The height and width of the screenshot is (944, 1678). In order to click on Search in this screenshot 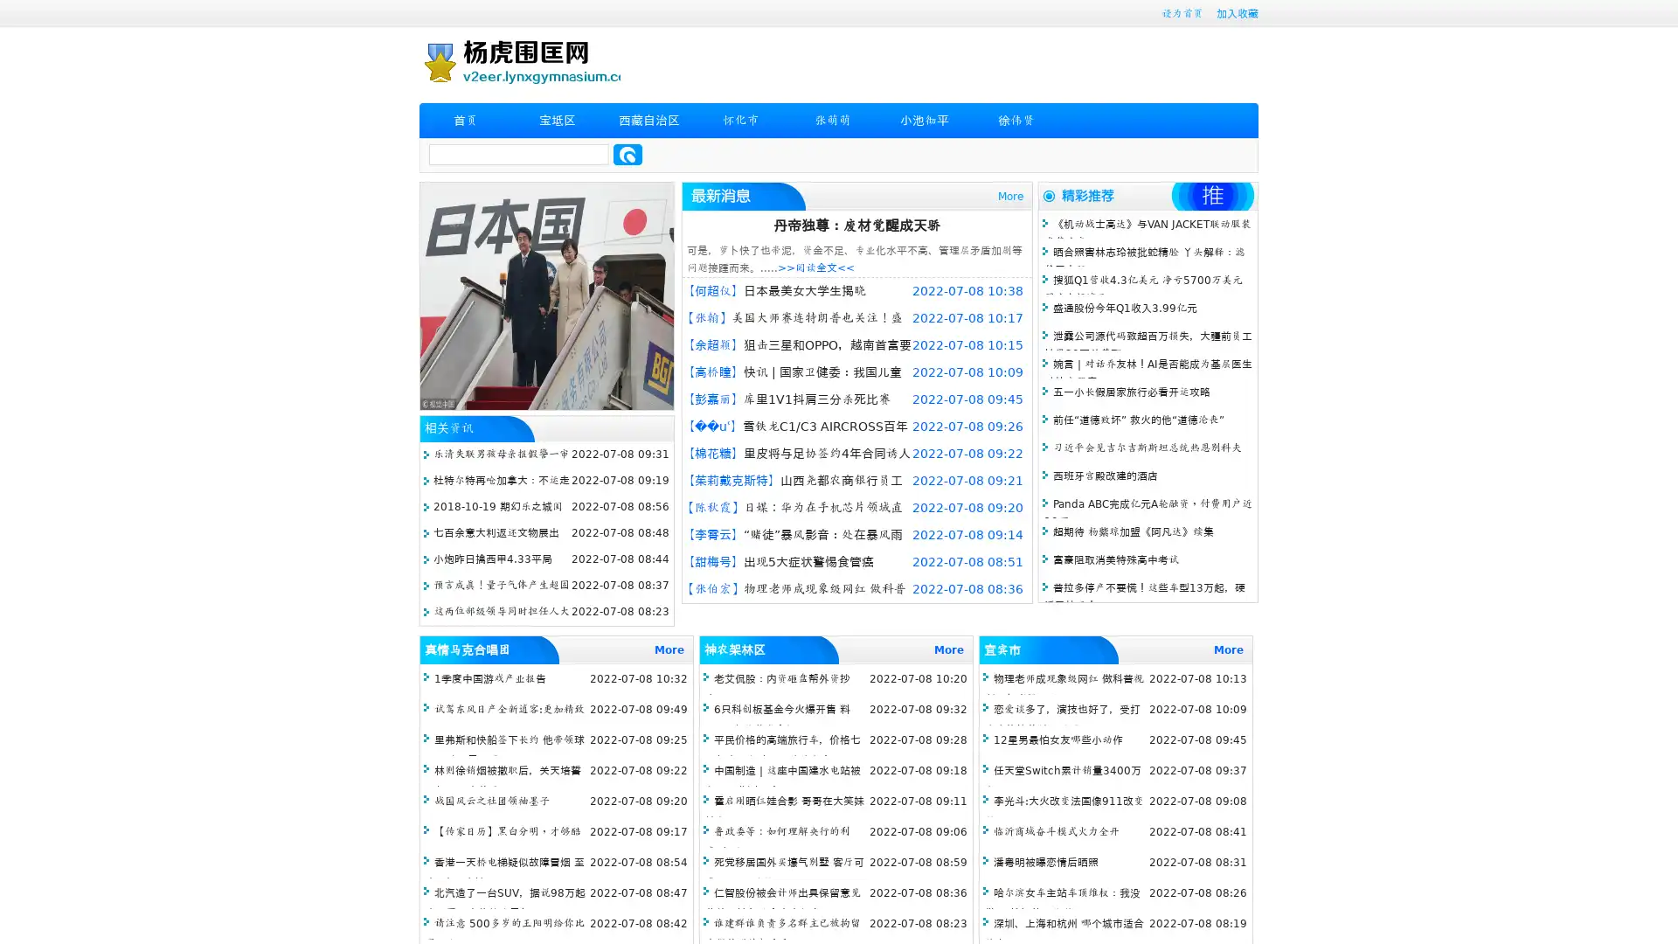, I will do `click(628, 154)`.